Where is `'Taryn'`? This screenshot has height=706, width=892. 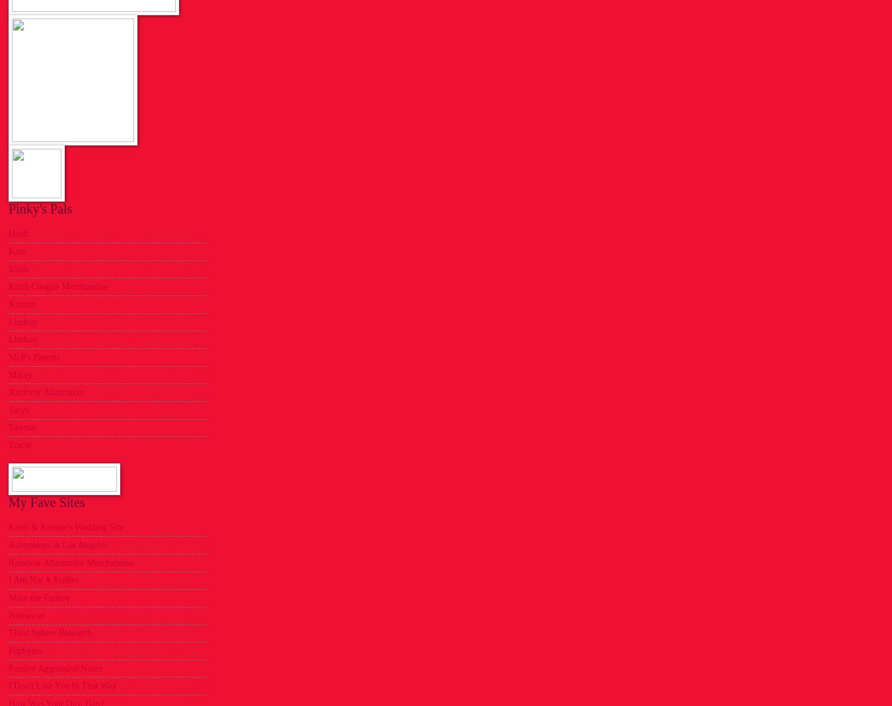 'Taryn' is located at coordinates (18, 409).